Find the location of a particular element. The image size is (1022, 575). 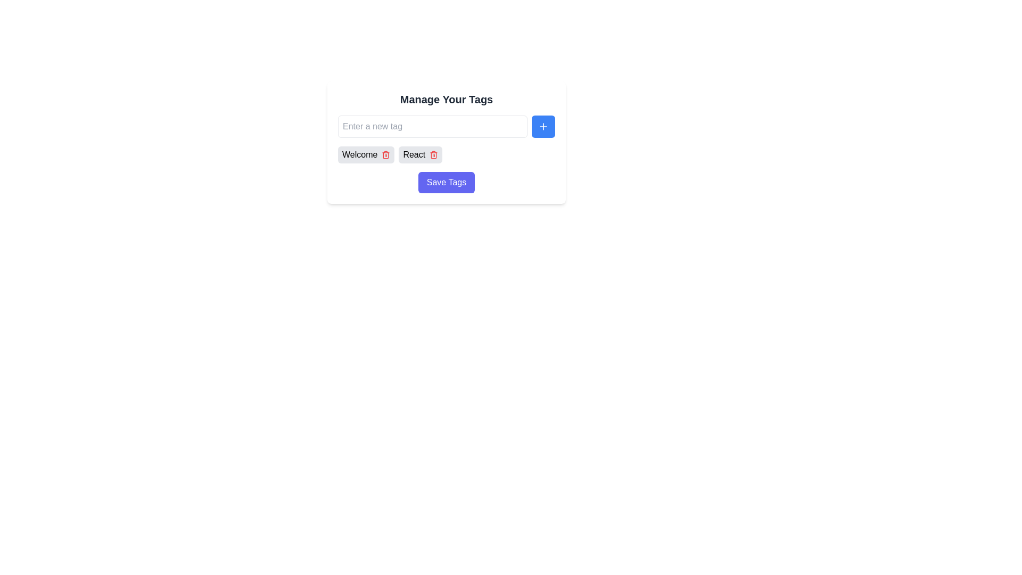

the trash icon associated with the 'React' tag is located at coordinates (420, 154).